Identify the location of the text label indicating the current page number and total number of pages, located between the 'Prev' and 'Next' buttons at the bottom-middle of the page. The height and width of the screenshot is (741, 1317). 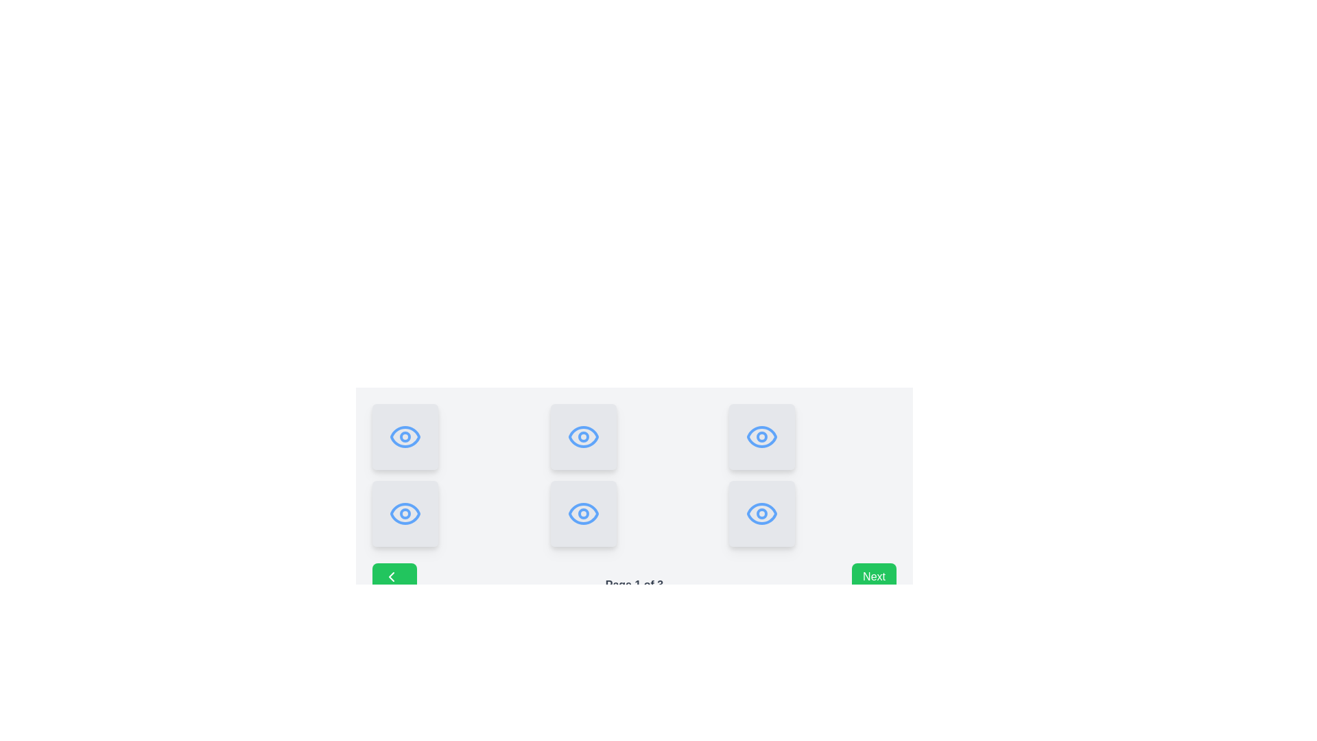
(634, 585).